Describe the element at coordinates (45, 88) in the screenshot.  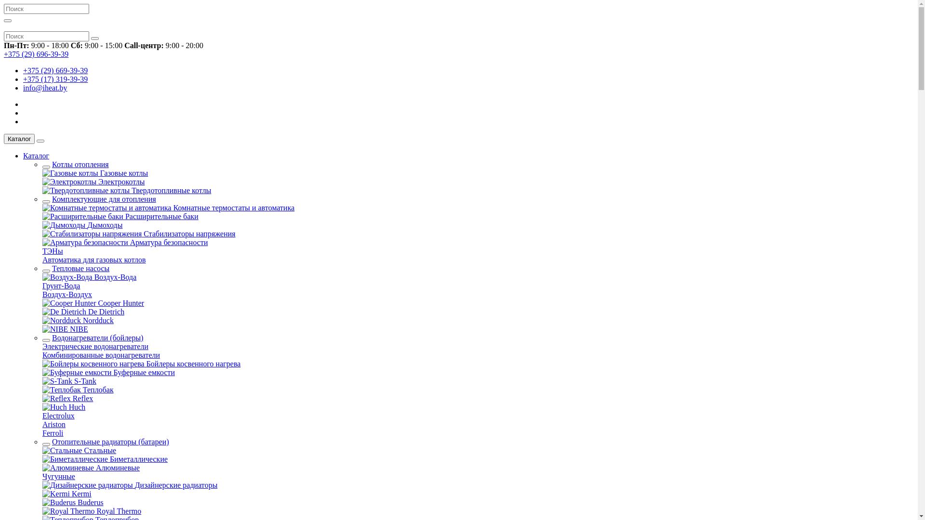
I see `'info@iheat.by'` at that location.